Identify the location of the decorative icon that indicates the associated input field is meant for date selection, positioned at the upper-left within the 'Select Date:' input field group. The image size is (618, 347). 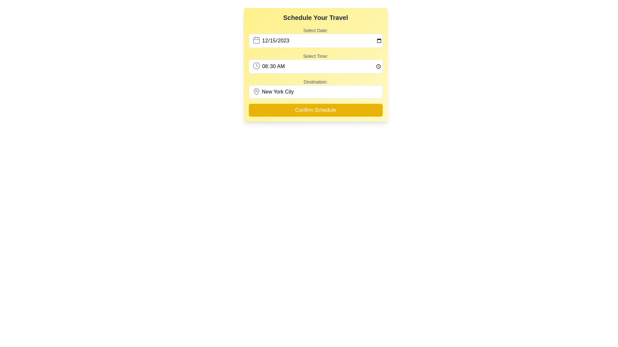
(256, 40).